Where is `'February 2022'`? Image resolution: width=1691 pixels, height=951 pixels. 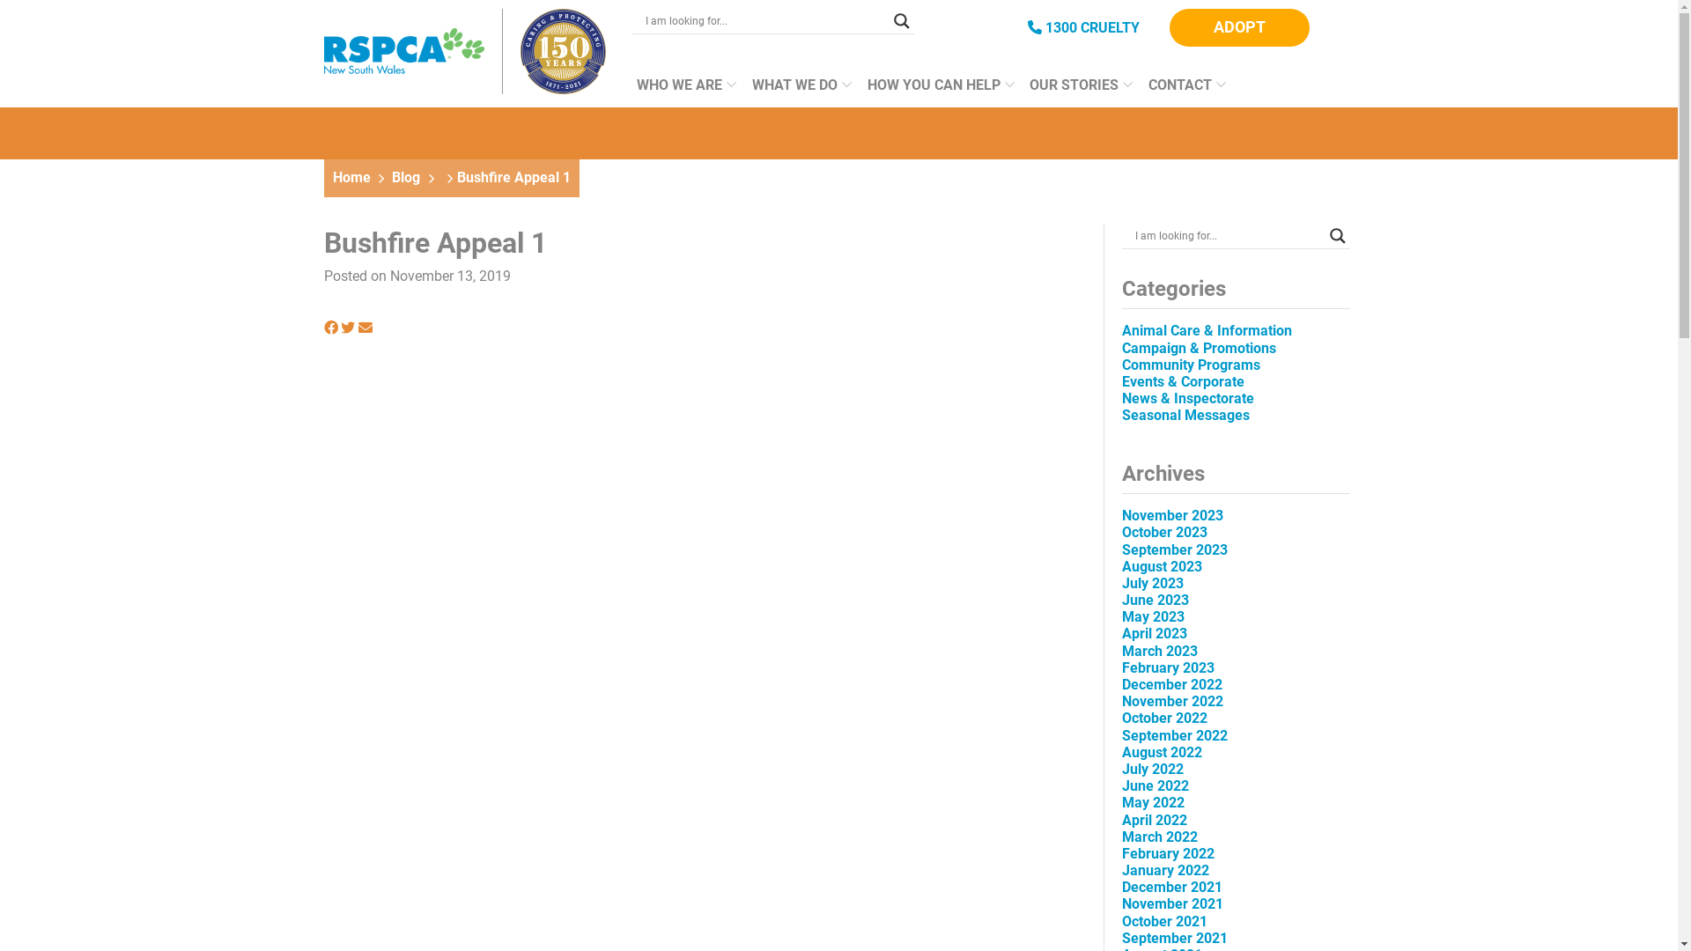 'February 2022' is located at coordinates (1168, 852).